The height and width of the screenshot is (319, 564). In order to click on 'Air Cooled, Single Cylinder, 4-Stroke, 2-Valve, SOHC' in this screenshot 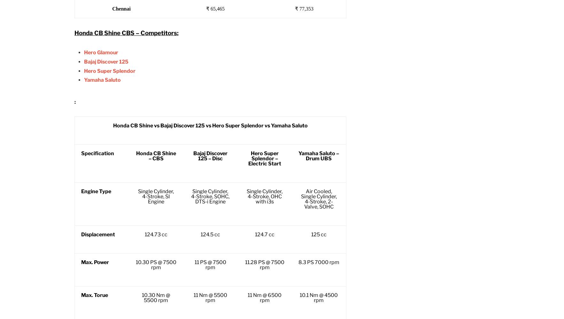, I will do `click(319, 199)`.